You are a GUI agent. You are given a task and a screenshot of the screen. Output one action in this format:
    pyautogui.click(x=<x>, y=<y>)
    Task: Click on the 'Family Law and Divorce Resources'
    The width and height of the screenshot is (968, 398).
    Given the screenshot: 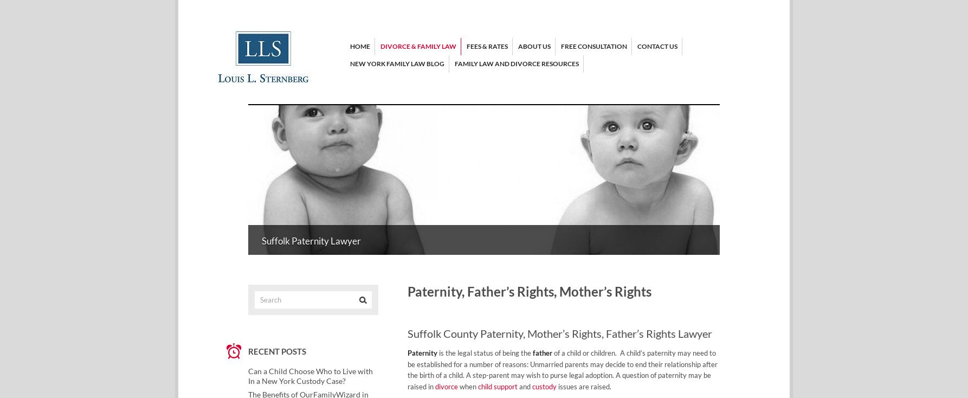 What is the action you would take?
    pyautogui.click(x=517, y=63)
    